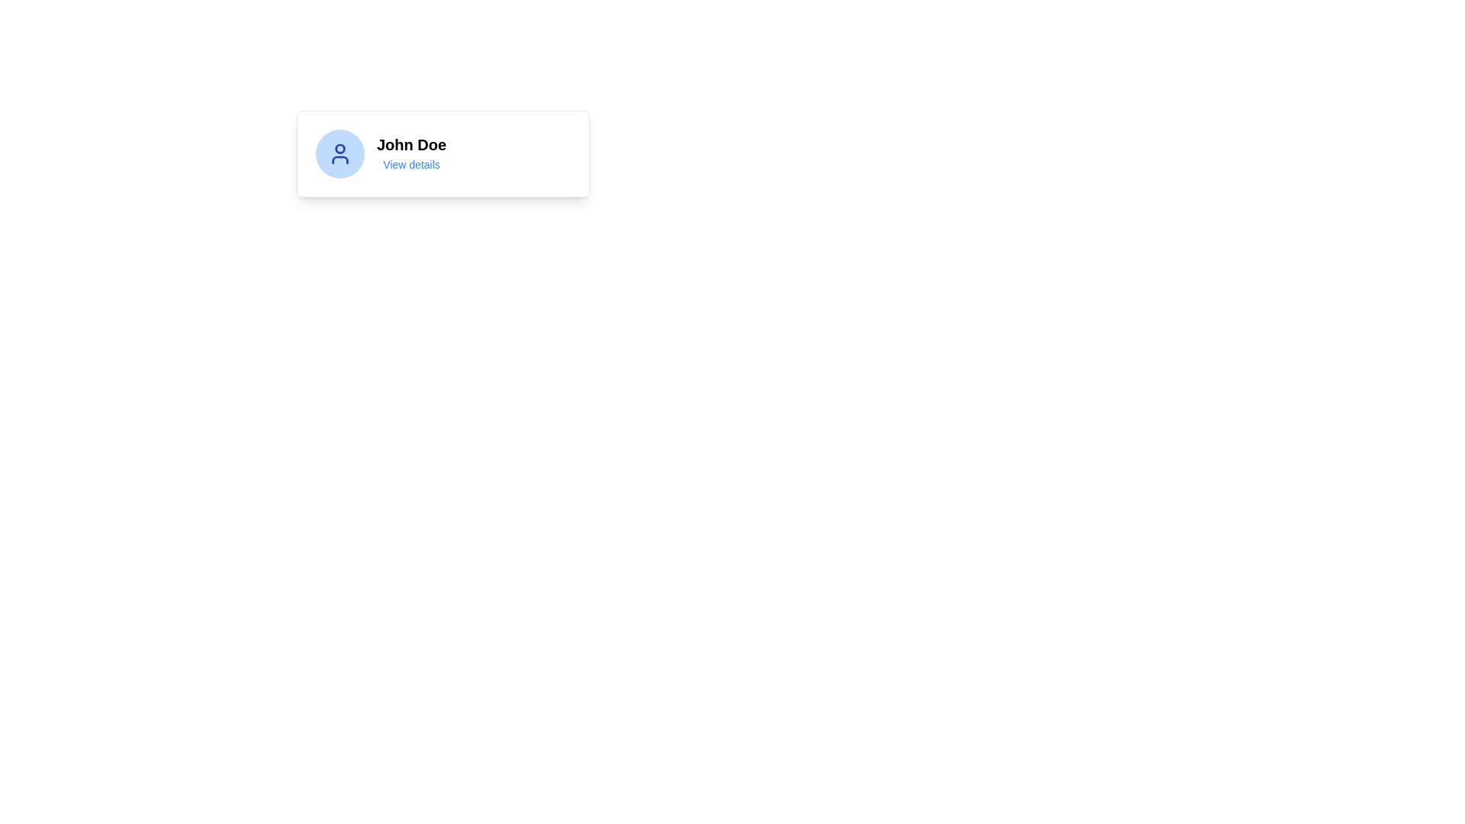 Image resolution: width=1465 pixels, height=824 pixels. What do you see at coordinates (340, 153) in the screenshot?
I see `the avatar representing the user 'John Doe', which is located at the beginning of a horizontal card-like section` at bounding box center [340, 153].